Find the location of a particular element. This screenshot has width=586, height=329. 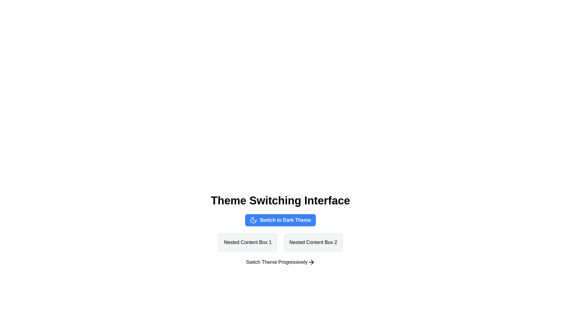

the theme switching button located below the 'Theme Switching Interface' heading for accessibility interactions is located at coordinates (280, 220).